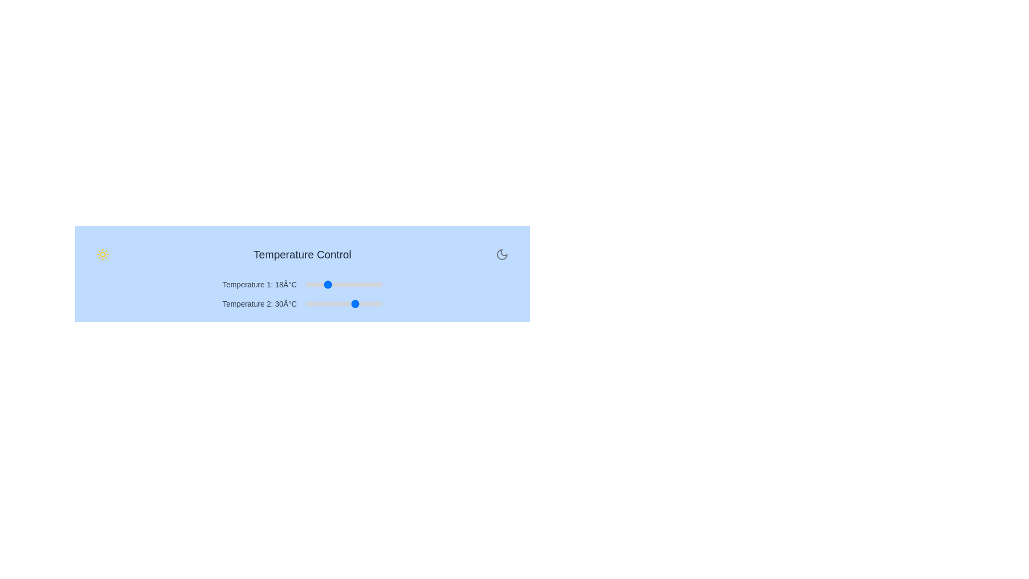 The height and width of the screenshot is (579, 1029). I want to click on the 'Temperature Control' header bar, which contains a sun icon on the left, a bold label in the center, and a moon icon on the right, by clicking on it, so click(302, 254).